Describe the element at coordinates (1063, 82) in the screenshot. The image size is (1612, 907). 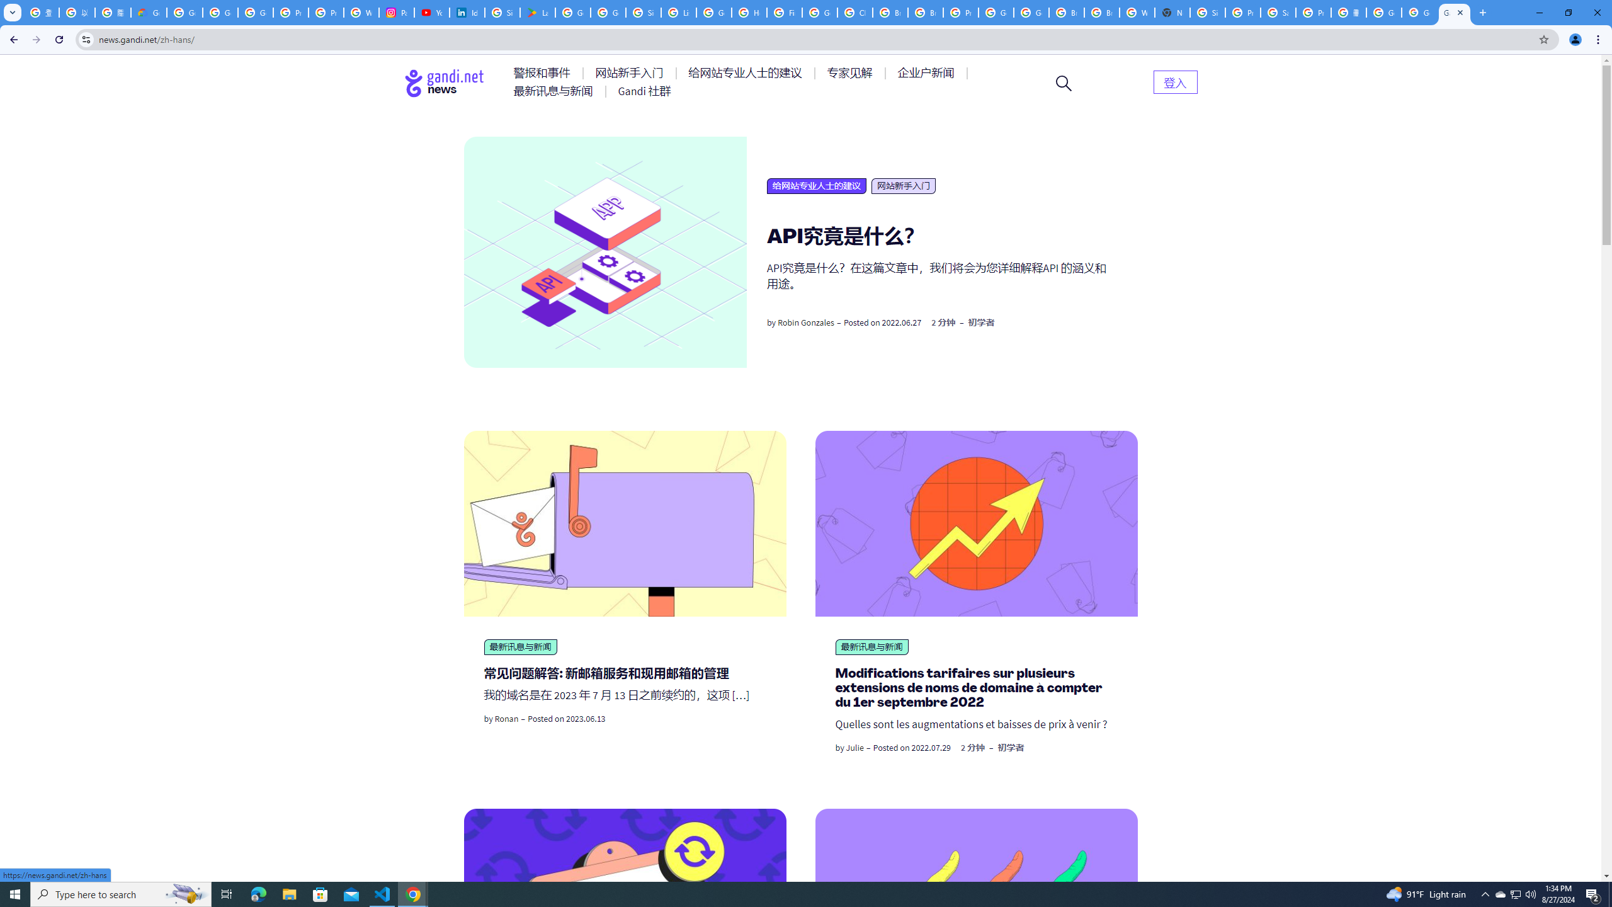
I see `'Open search form'` at that location.